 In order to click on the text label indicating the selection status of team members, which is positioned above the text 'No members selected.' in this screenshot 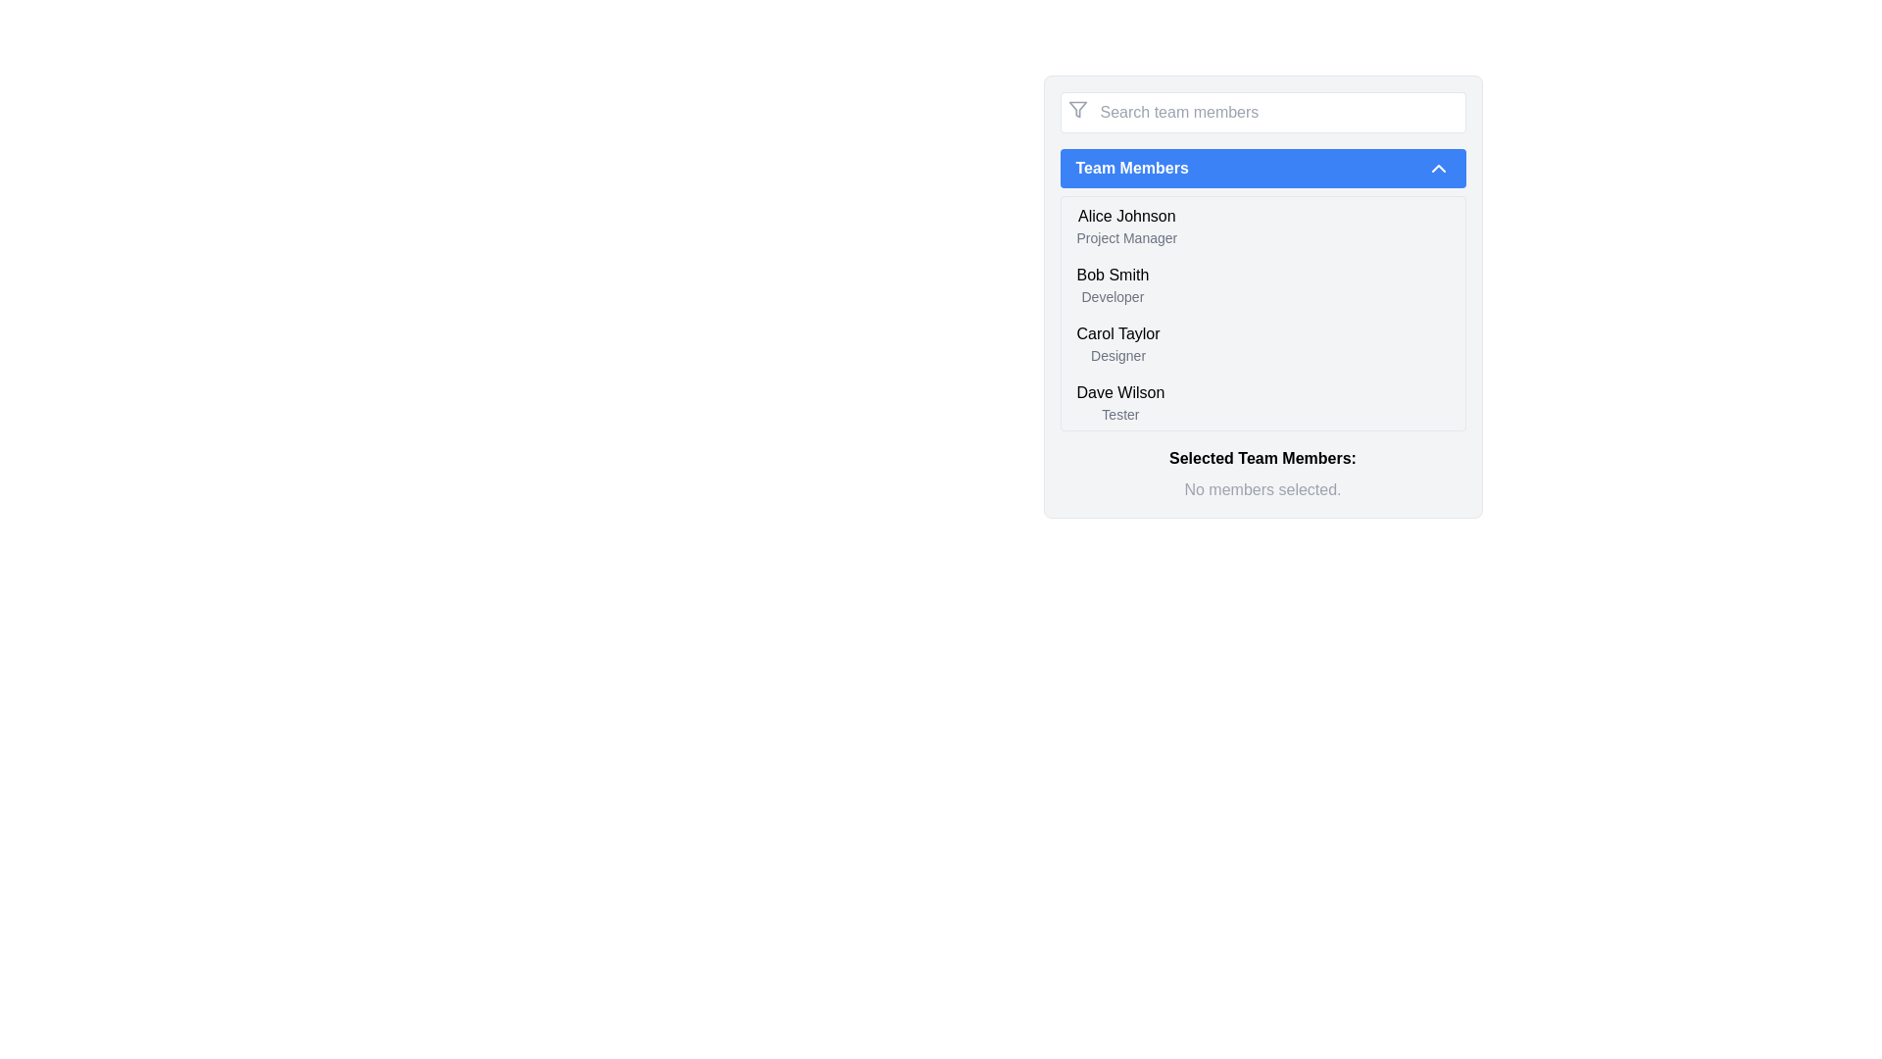, I will do `click(1263, 458)`.